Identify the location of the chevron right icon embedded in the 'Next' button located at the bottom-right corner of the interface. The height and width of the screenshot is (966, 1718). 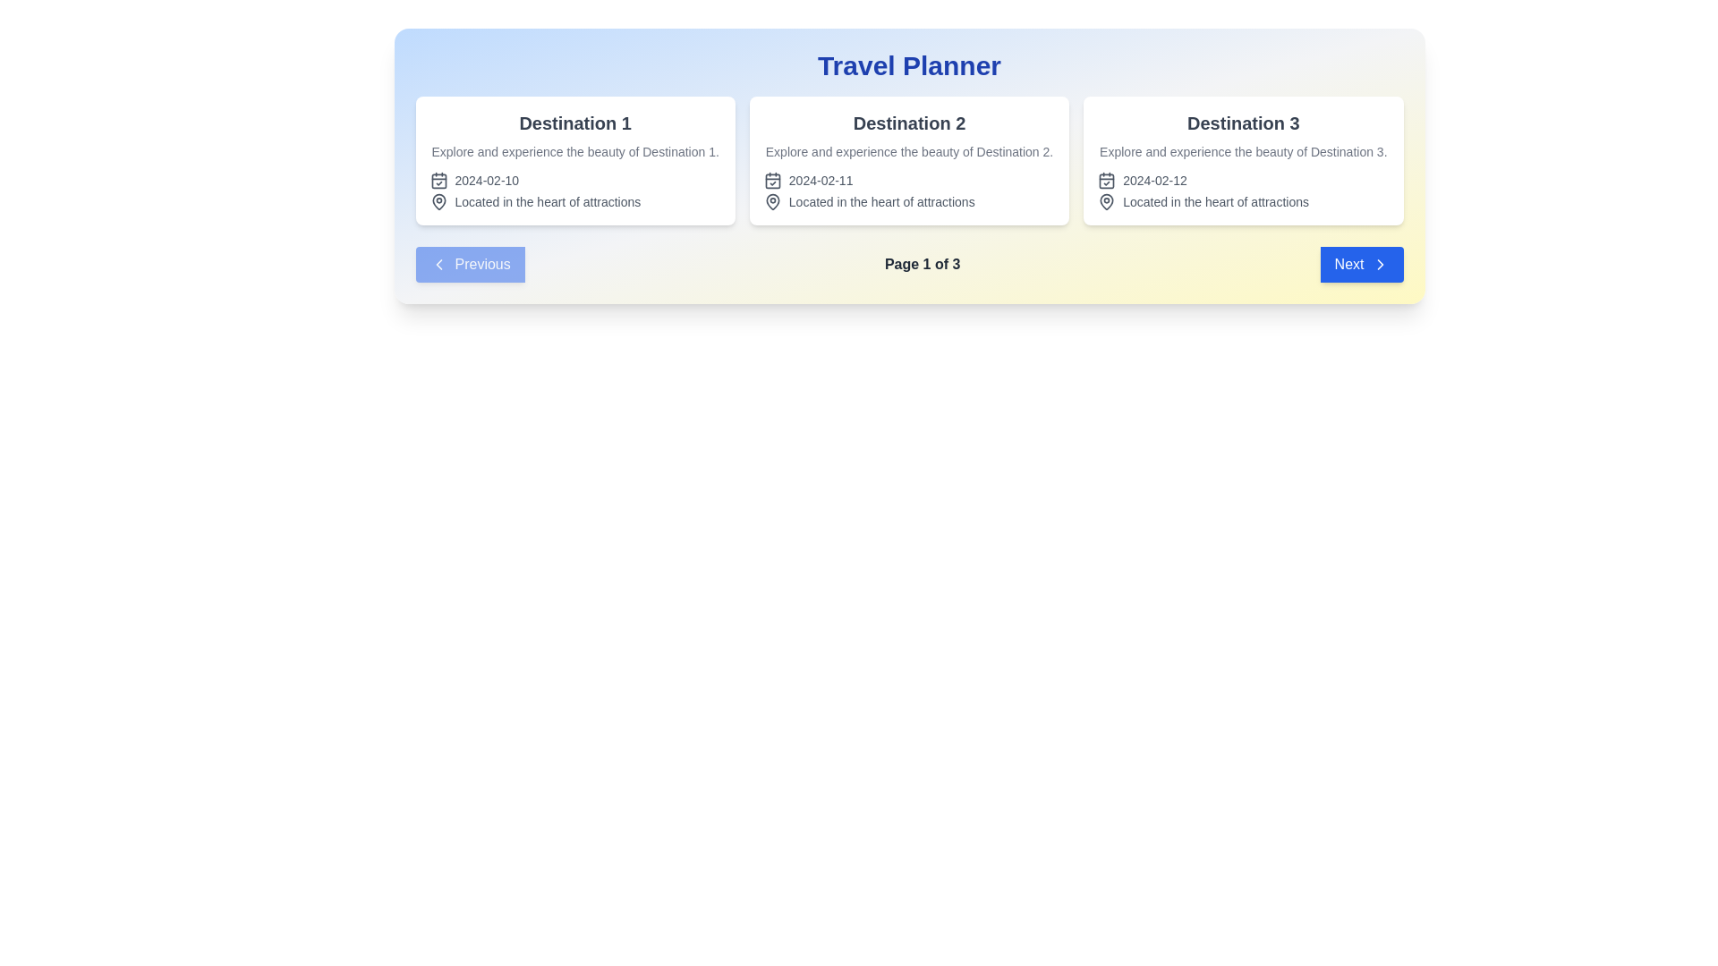
(1379, 265).